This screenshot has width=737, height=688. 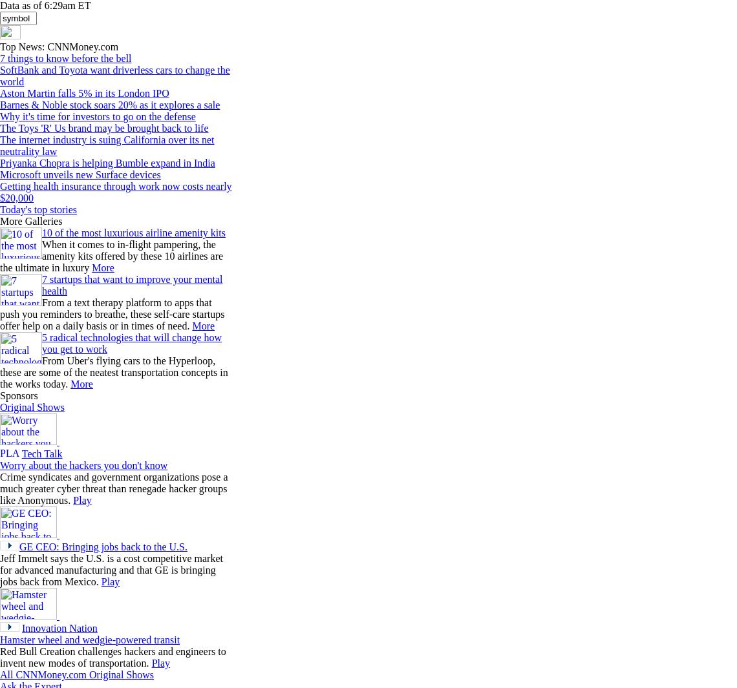 What do you see at coordinates (114, 488) in the screenshot?
I see `'Crime syndicates and government organizations pose a much greater cyber threat than renegade hacker groups like Anonymous.'` at bounding box center [114, 488].